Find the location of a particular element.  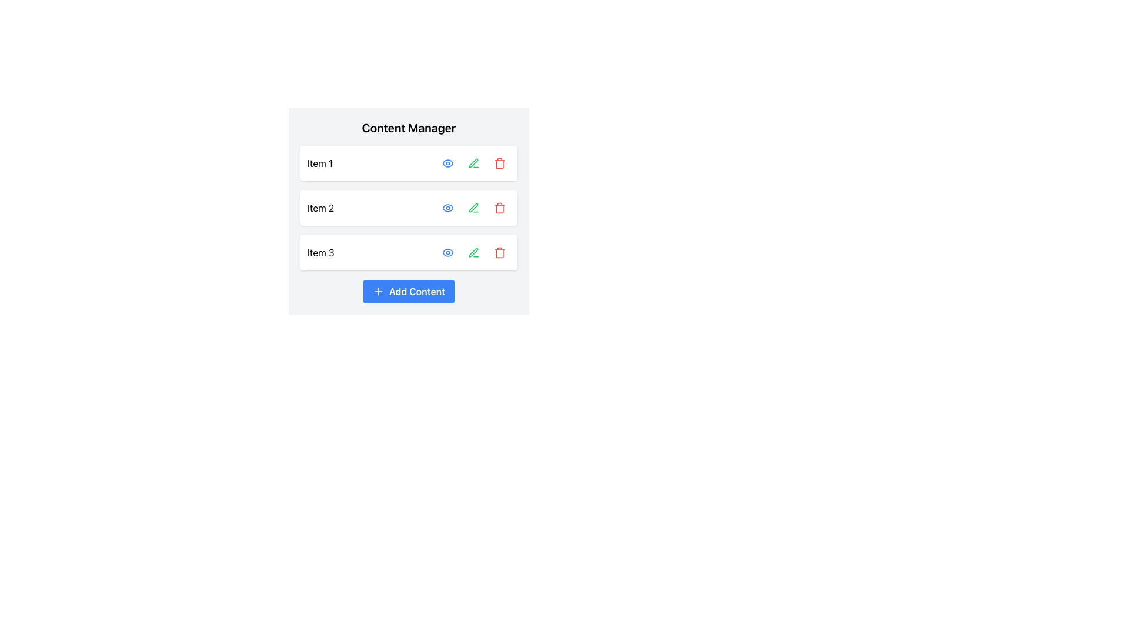

the distinct blue eye icon located in the third row of the list labeled 'Item 3' is located at coordinates (447, 252).